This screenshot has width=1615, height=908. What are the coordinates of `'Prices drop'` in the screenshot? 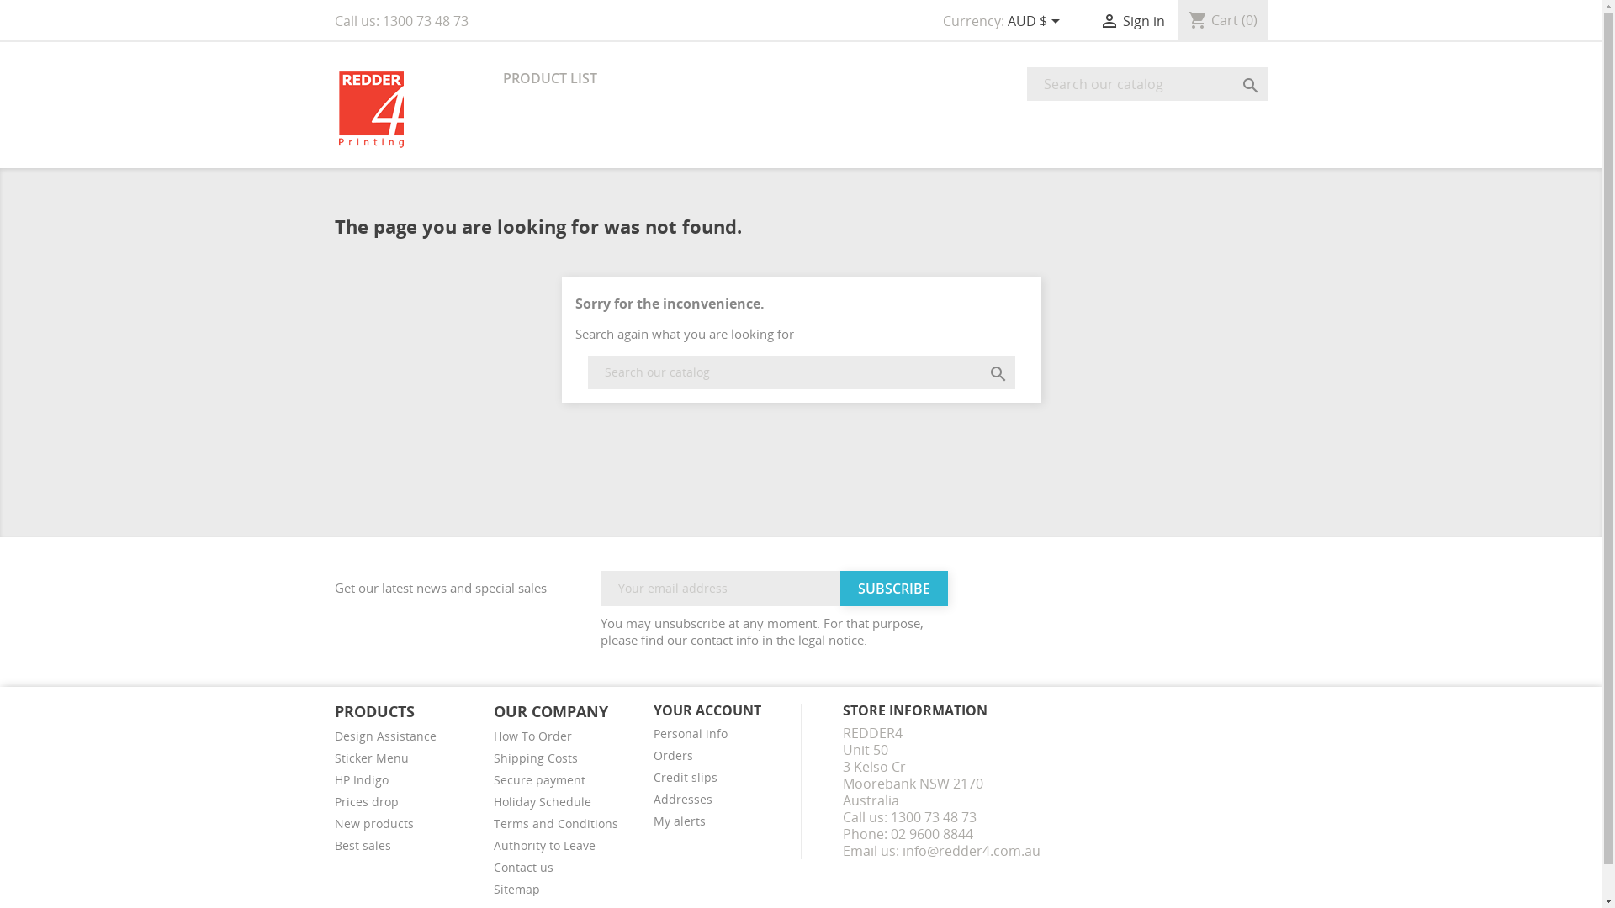 It's located at (366, 800).